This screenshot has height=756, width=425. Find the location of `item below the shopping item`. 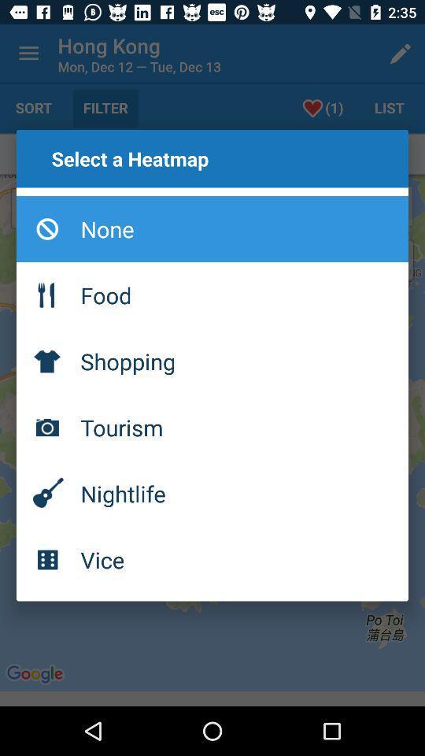

item below the shopping item is located at coordinates (213, 427).